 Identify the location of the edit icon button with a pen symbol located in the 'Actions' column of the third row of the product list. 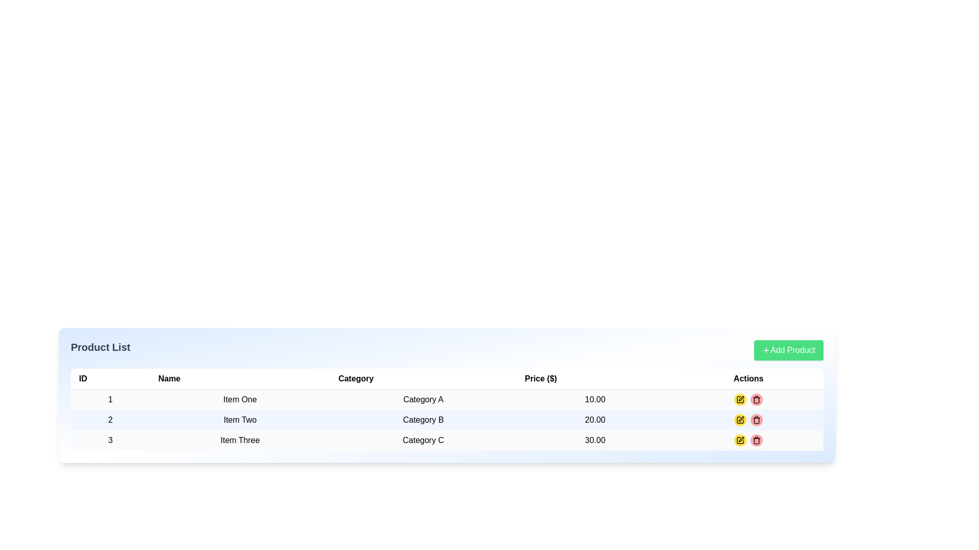
(740, 399).